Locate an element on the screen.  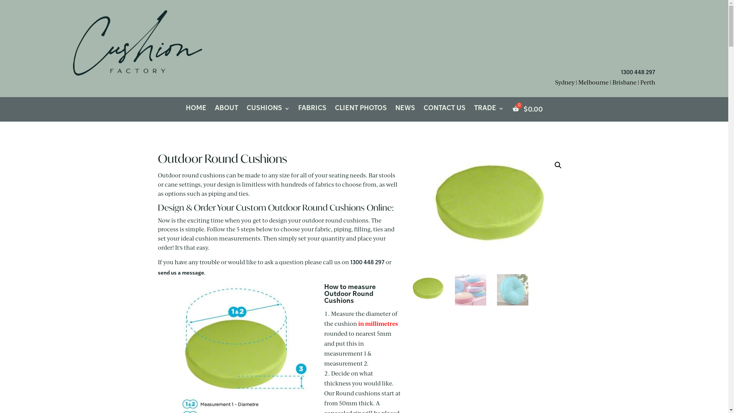
'1300 448 297' is located at coordinates (350, 262).